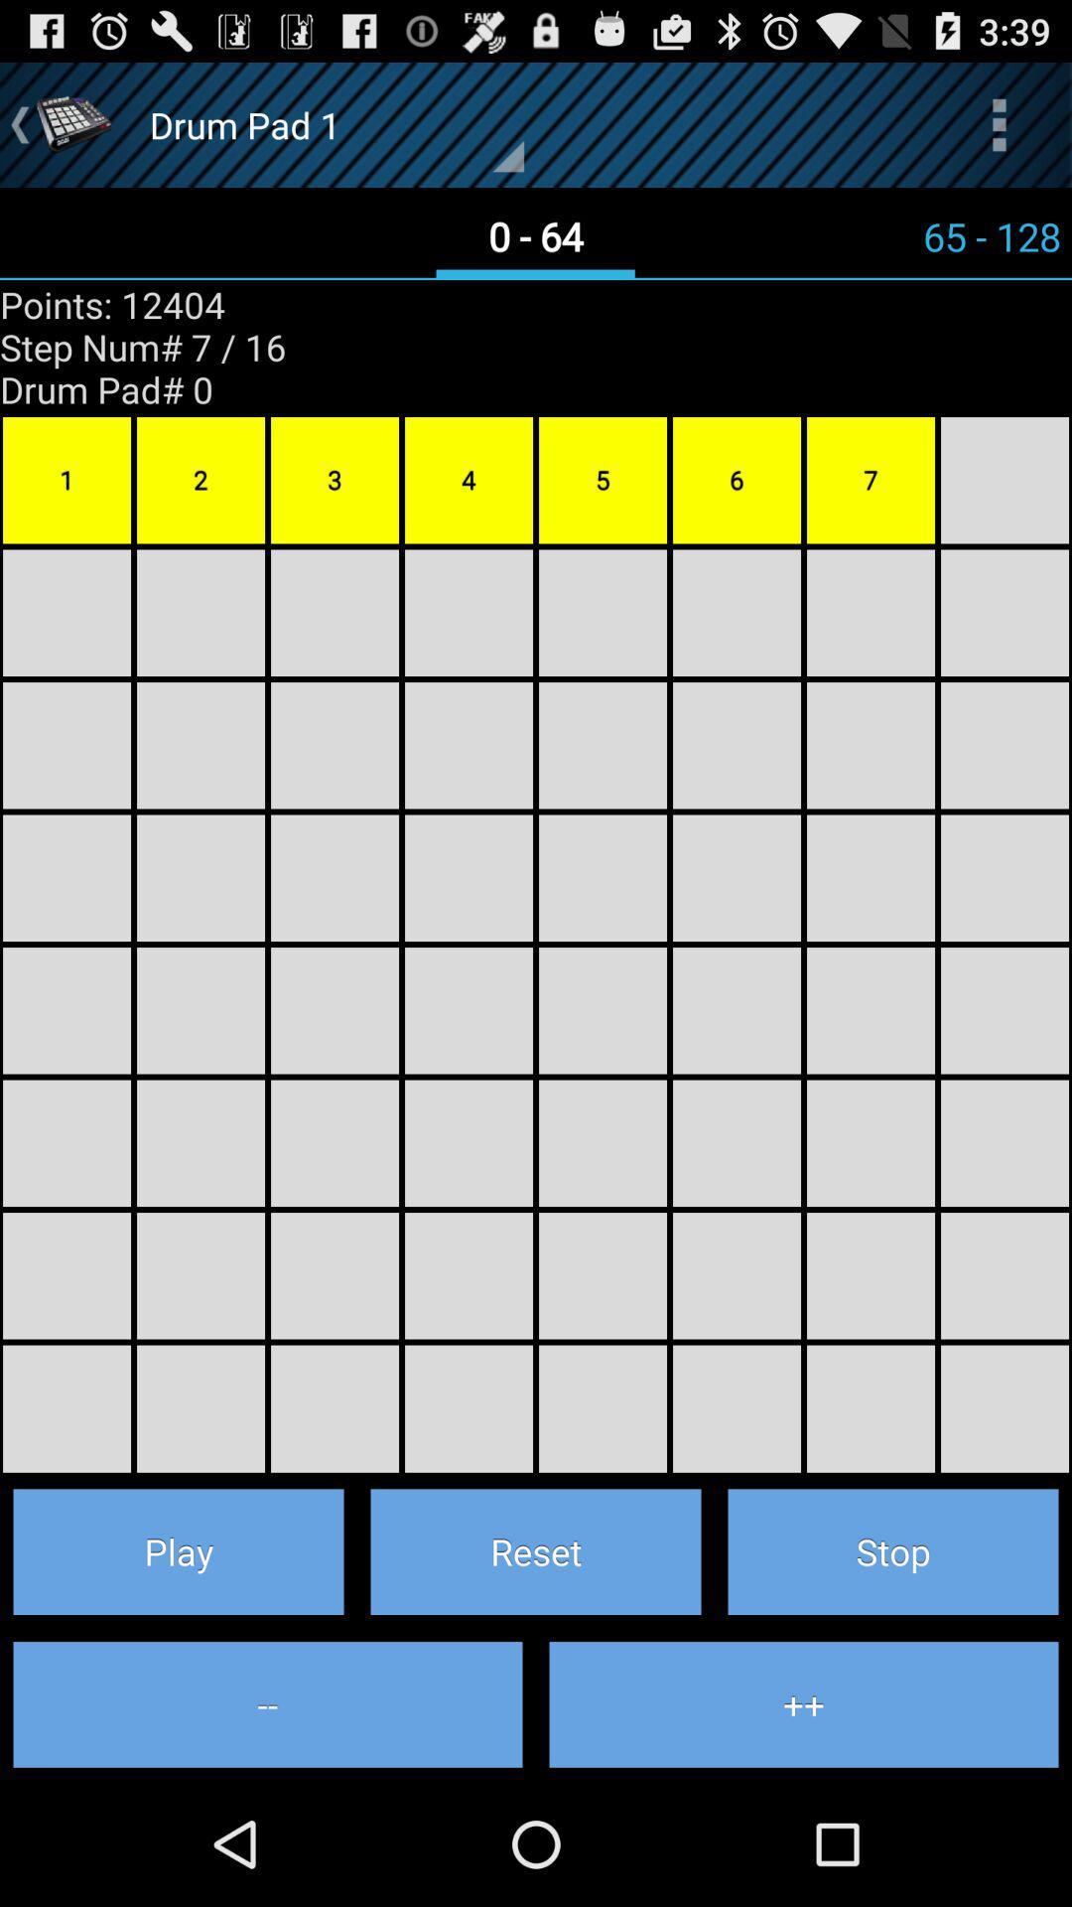 This screenshot has height=1907, width=1072. What do you see at coordinates (66, 1010) in the screenshot?
I see `4th box below 1` at bounding box center [66, 1010].